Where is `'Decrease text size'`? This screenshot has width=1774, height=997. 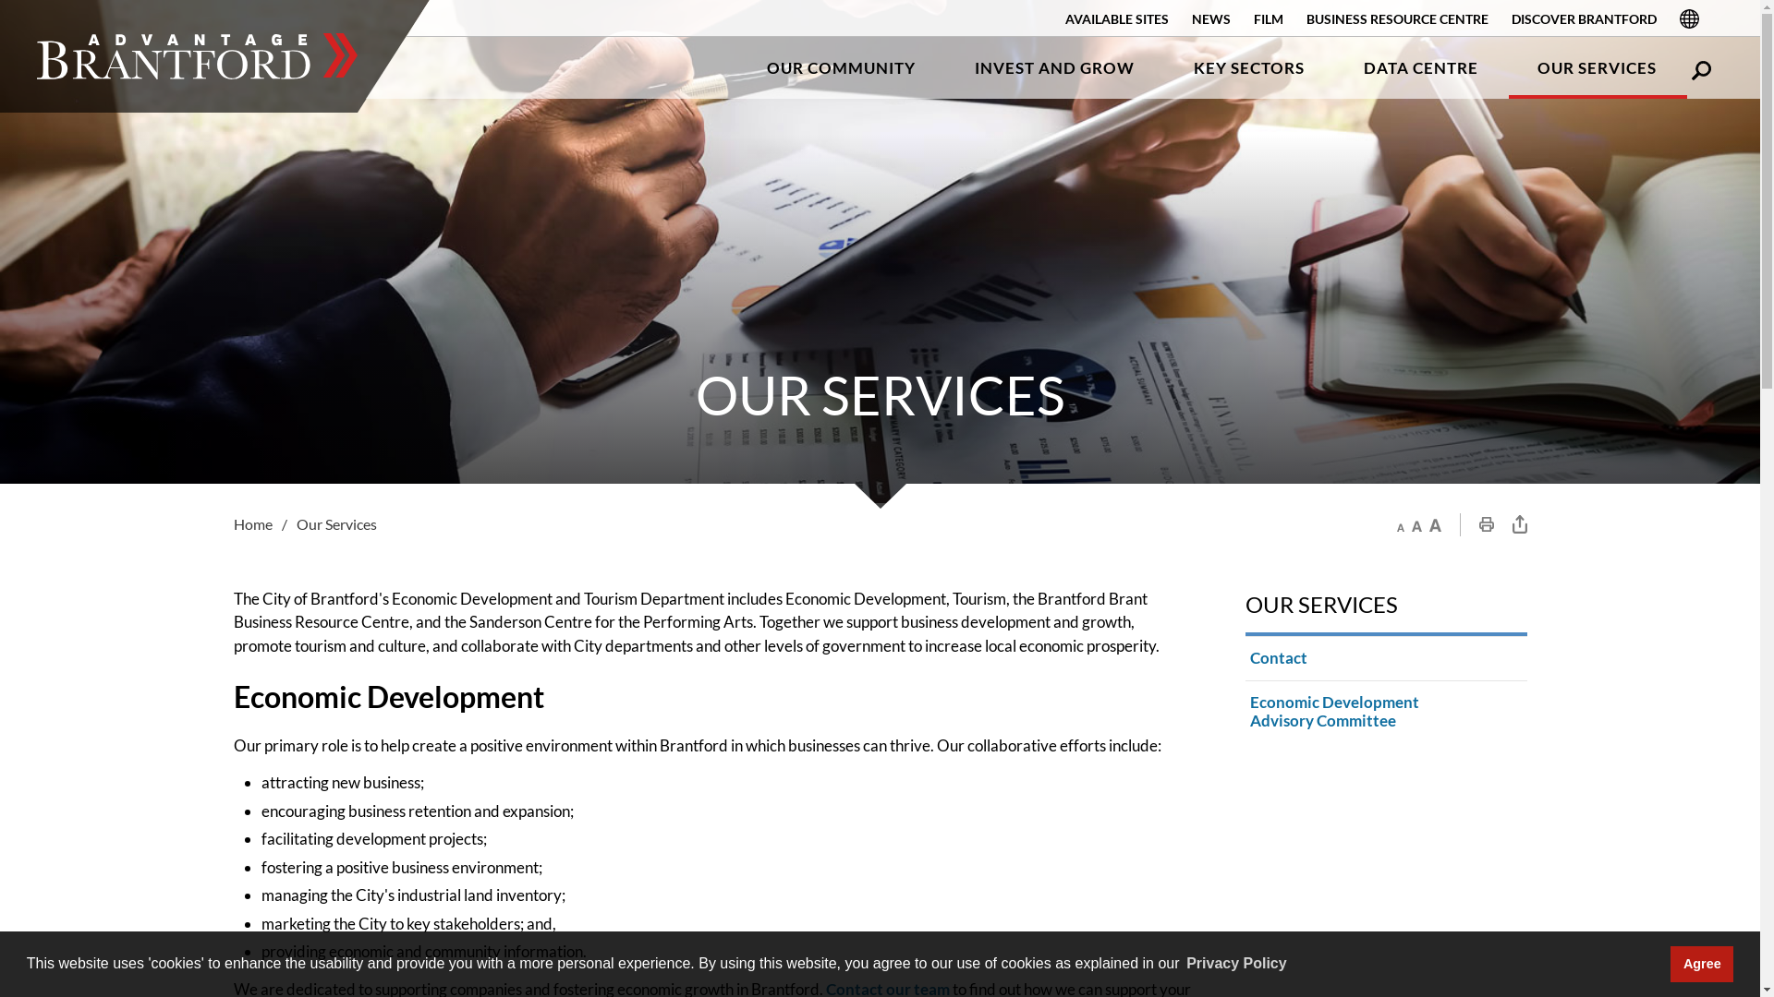 'Decrease text size' is located at coordinates (1397, 524).